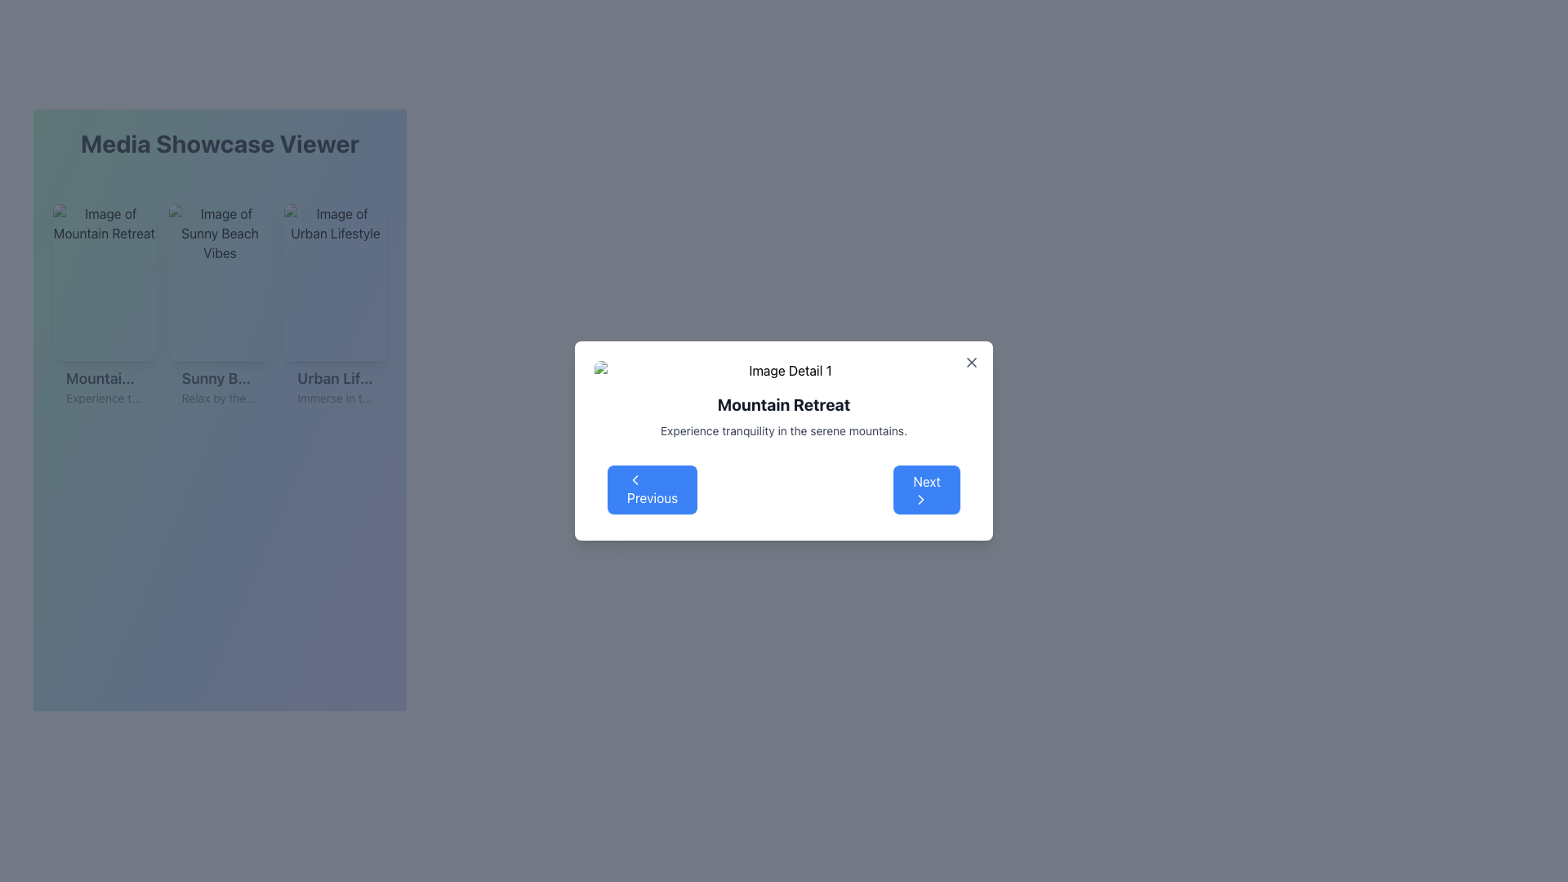  I want to click on title 'Urban Lifestyle' and the description 'Immerse in the vibrant energy of the city.' from the textual content block located at the center of the card component in the grid layout, so click(335, 387).